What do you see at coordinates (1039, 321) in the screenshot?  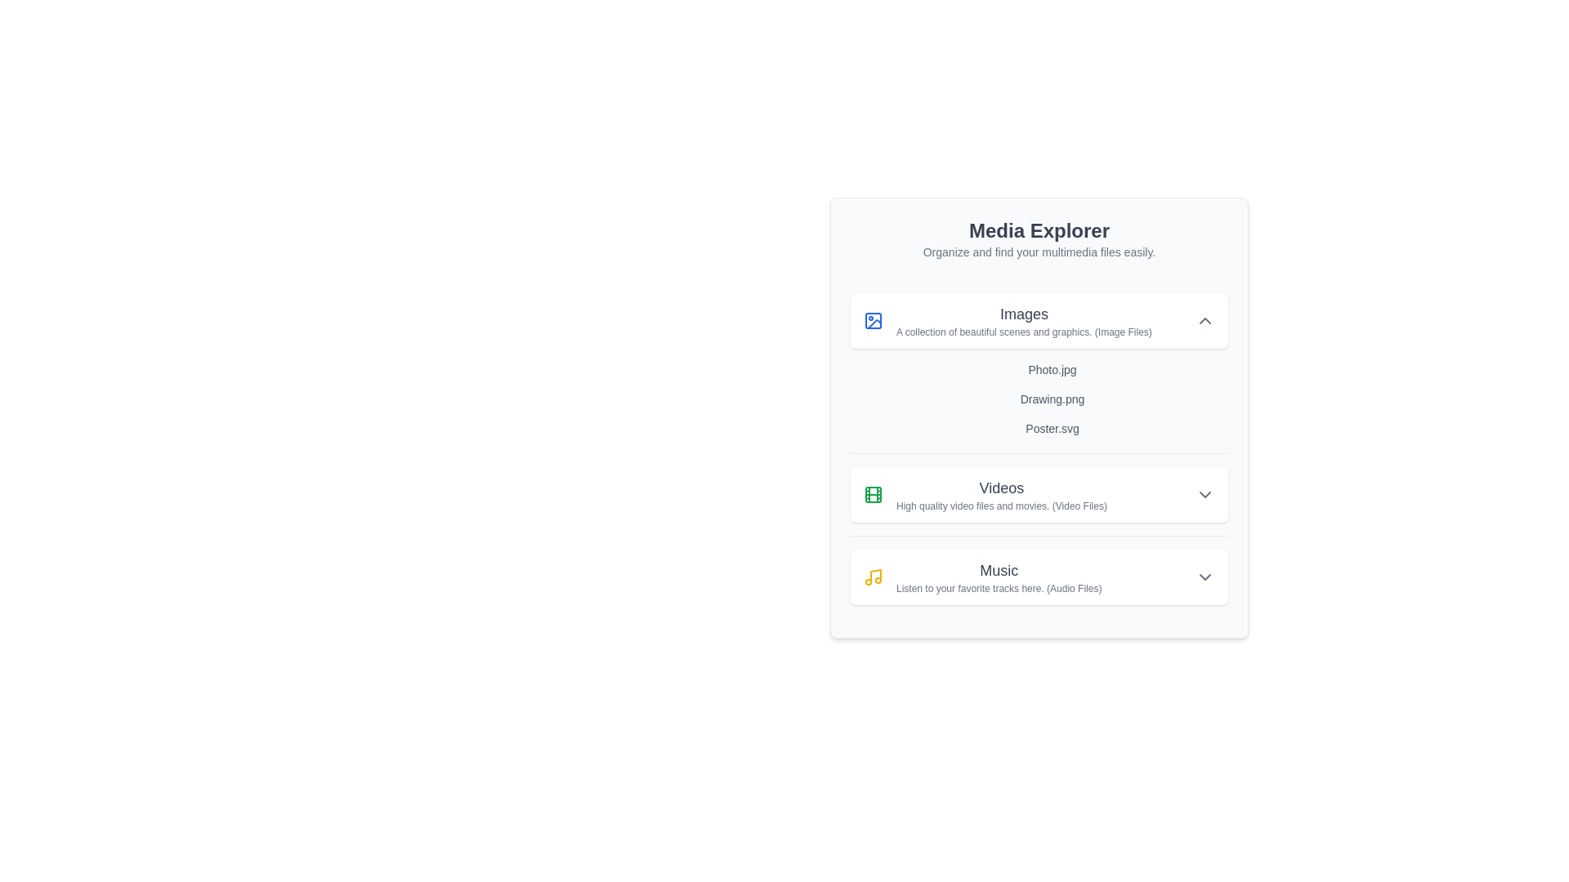 I see `the 'Images' button, which is a white, rounded rectangular button with a blue image icon and bold text reading 'Images', located under the 'Media Explorer' heading` at bounding box center [1039, 321].